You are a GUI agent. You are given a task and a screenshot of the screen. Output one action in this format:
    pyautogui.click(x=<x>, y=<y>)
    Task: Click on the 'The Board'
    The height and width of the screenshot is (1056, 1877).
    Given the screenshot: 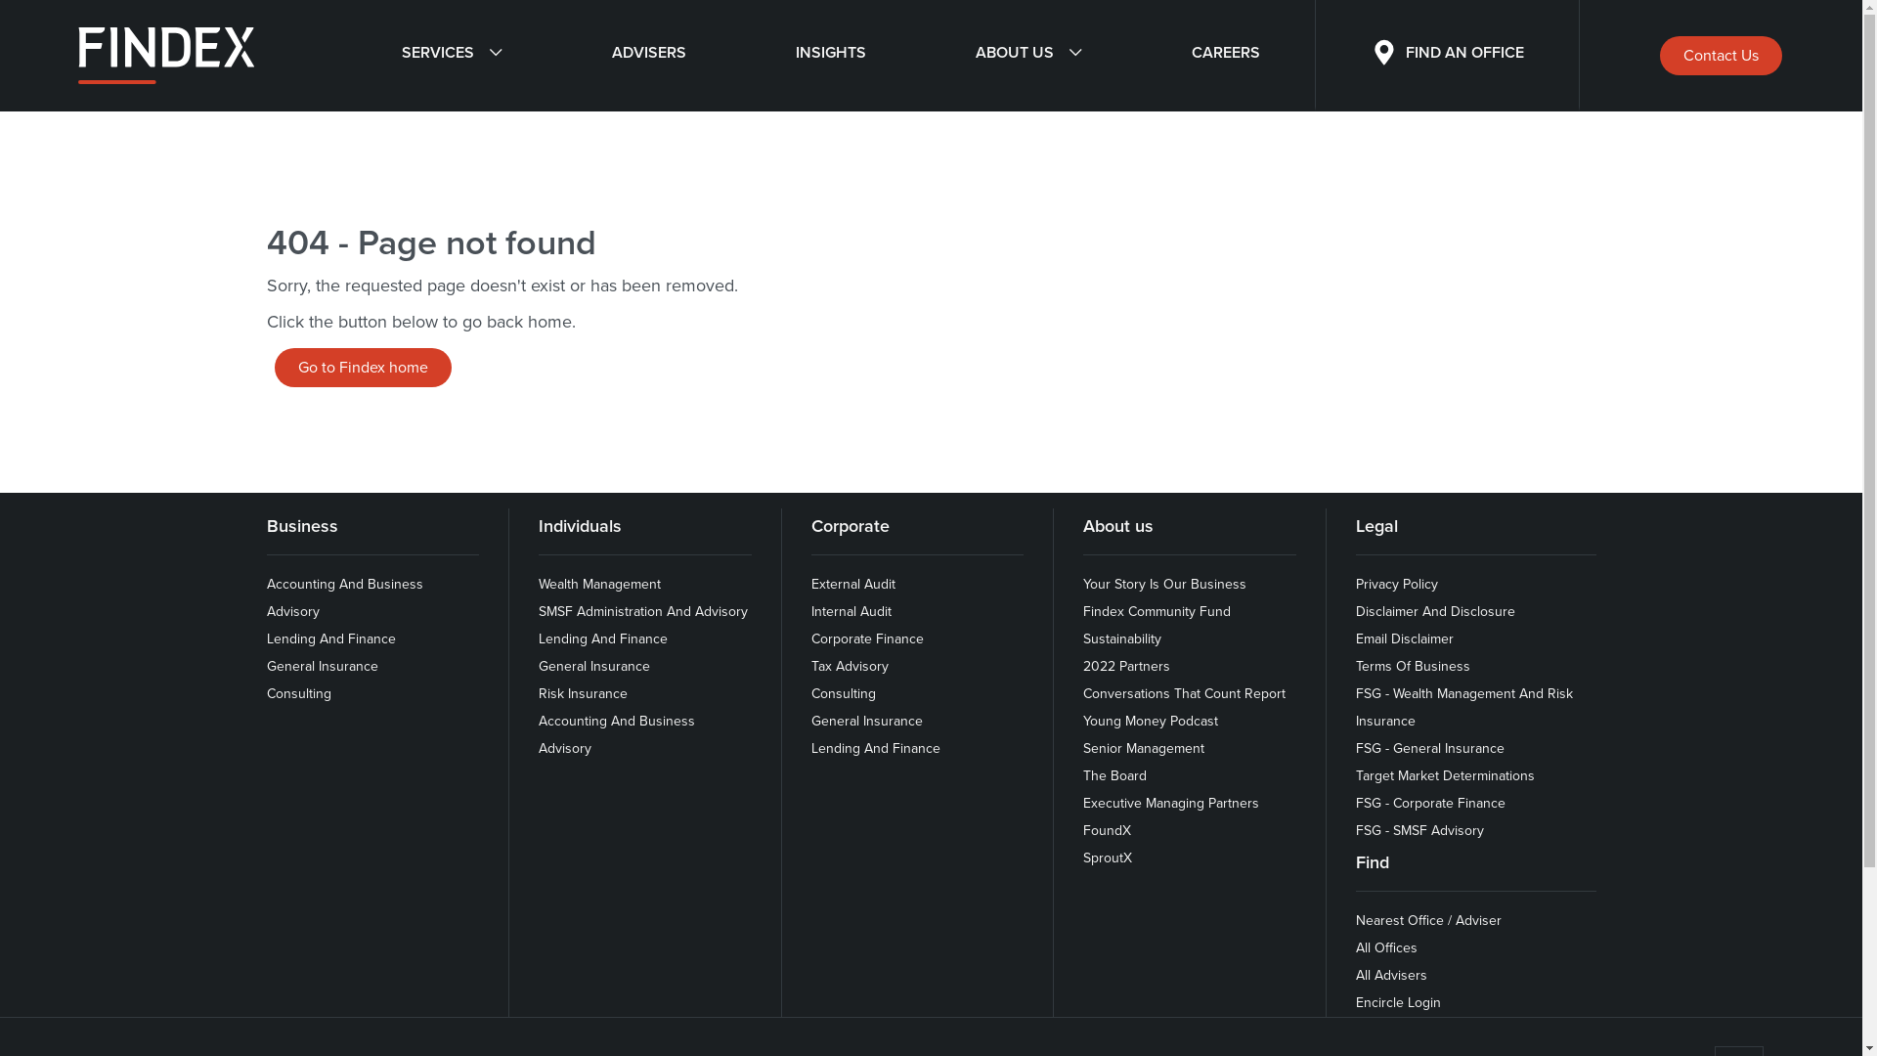 What is the action you would take?
    pyautogui.click(x=1082, y=774)
    